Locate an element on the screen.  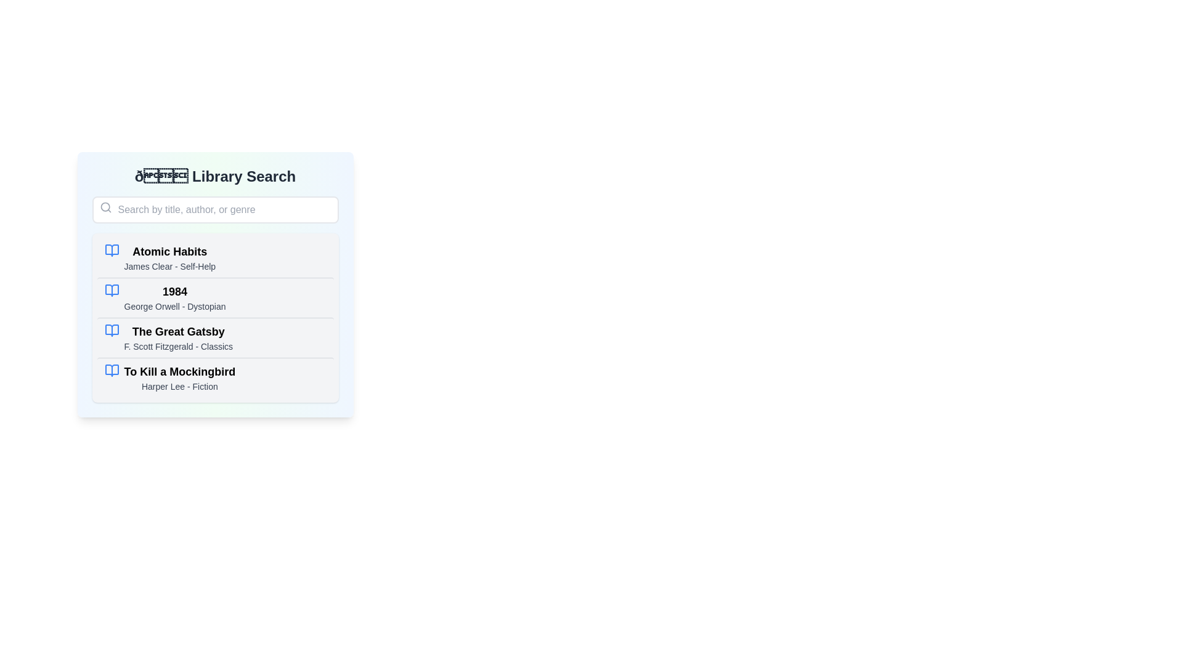
the title of the book displayed prominently in the search results panel, located above 'F. Scott Fitzgerald - Classics', to use it for search or selection is located at coordinates (177, 331).